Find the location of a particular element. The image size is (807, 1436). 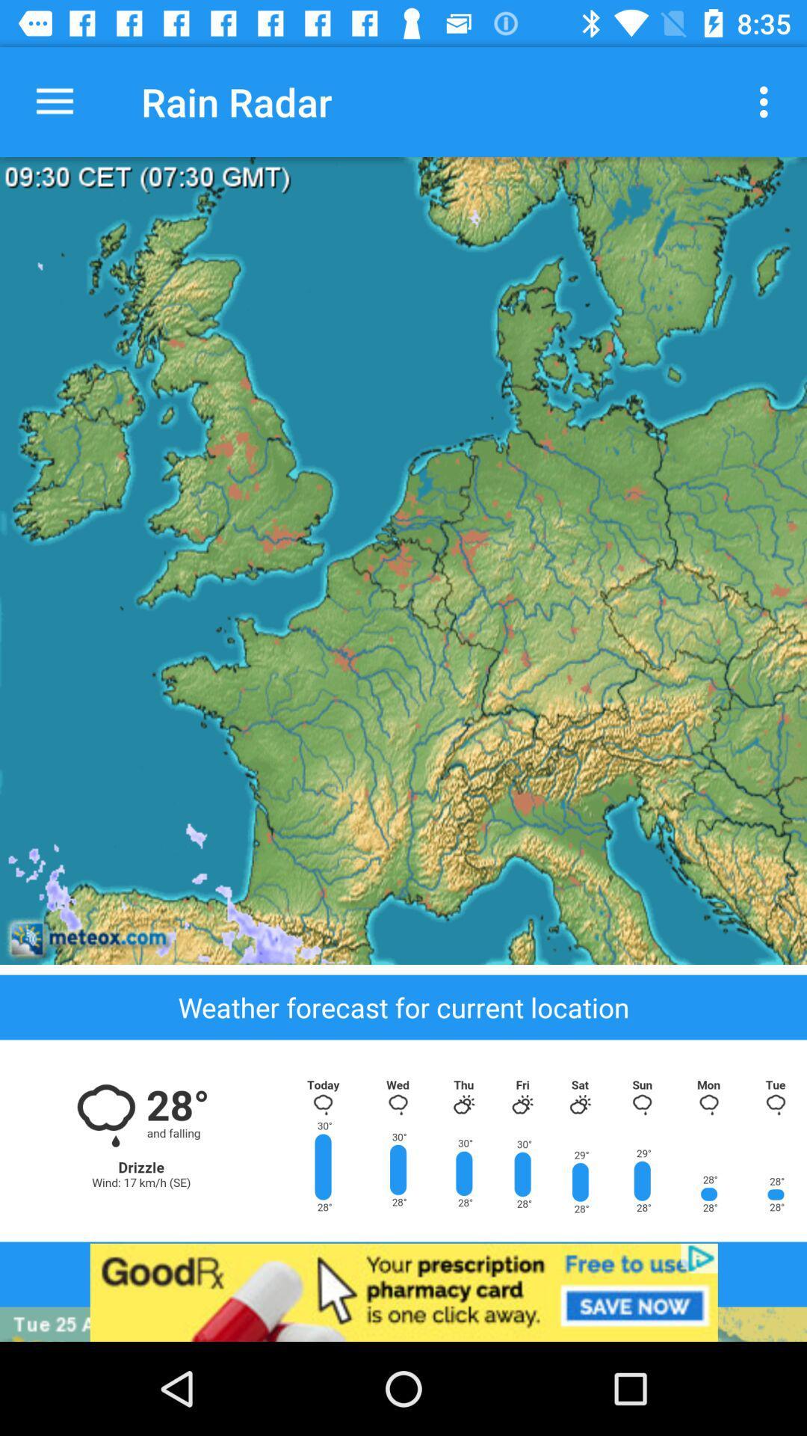

see weather forecast is located at coordinates (403, 1140).